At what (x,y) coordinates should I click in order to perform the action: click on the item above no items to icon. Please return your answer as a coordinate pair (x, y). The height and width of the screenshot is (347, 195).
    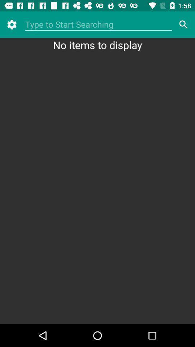
    Looking at the image, I should click on (11, 25).